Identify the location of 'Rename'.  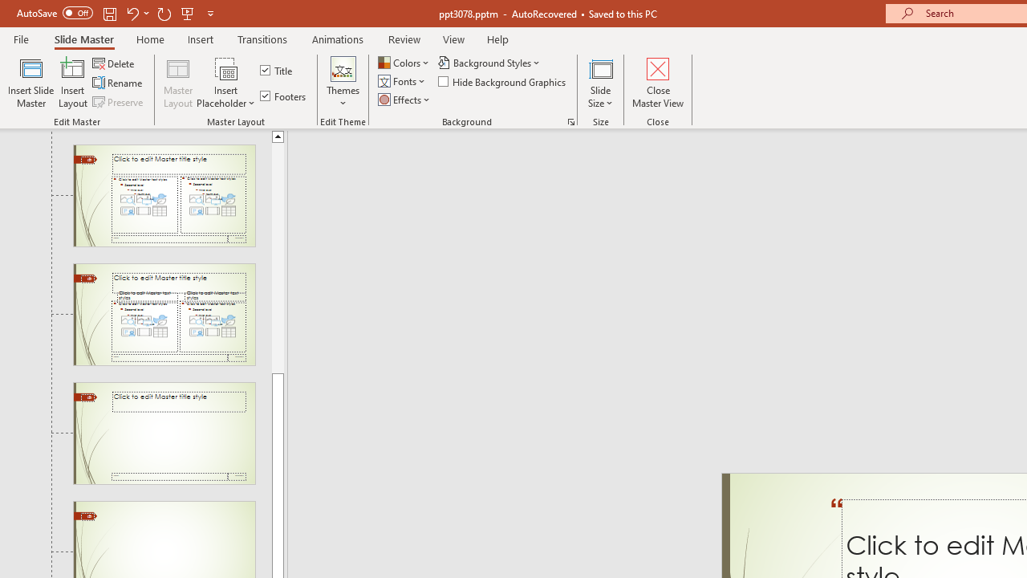
(118, 83).